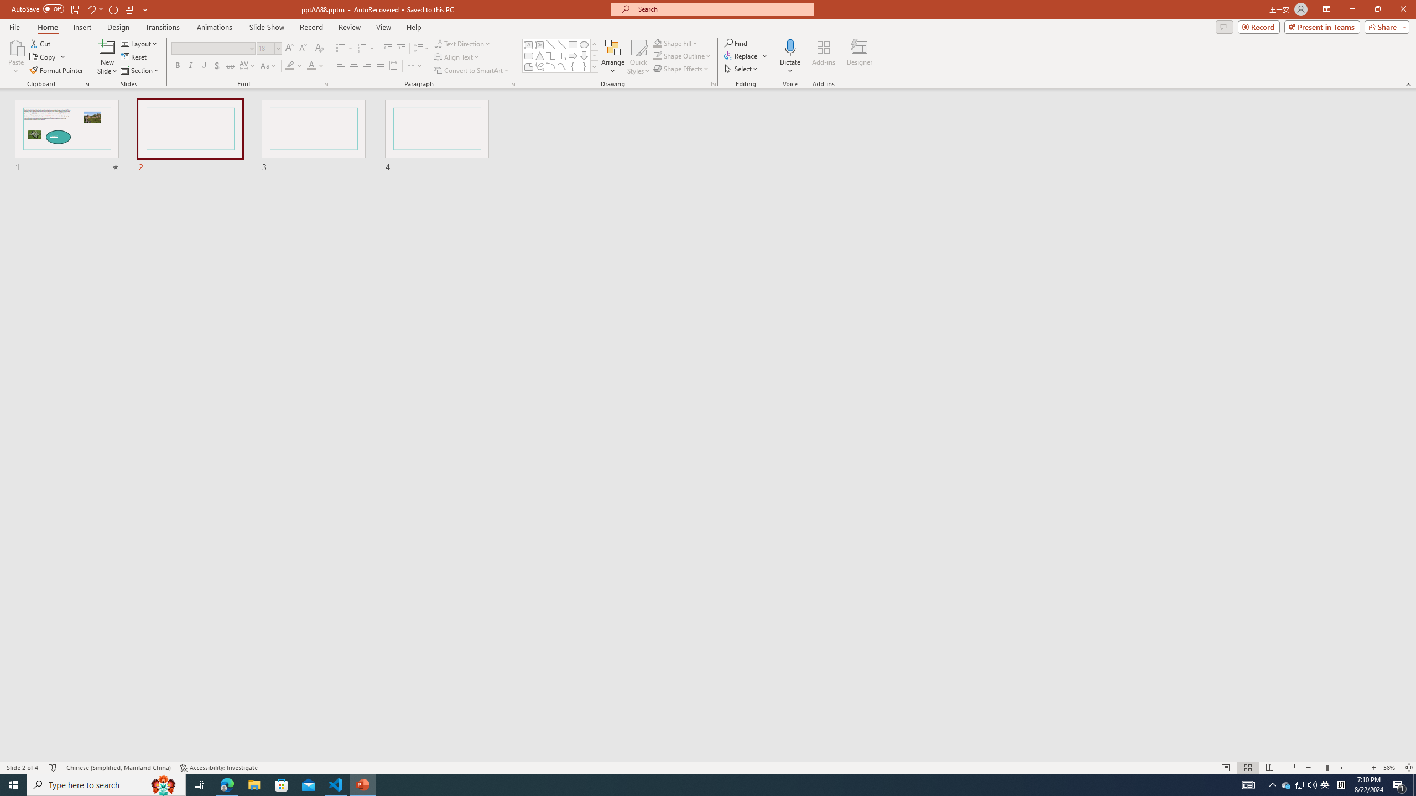  Describe the element at coordinates (681, 67) in the screenshot. I see `'Shape Effects'` at that location.